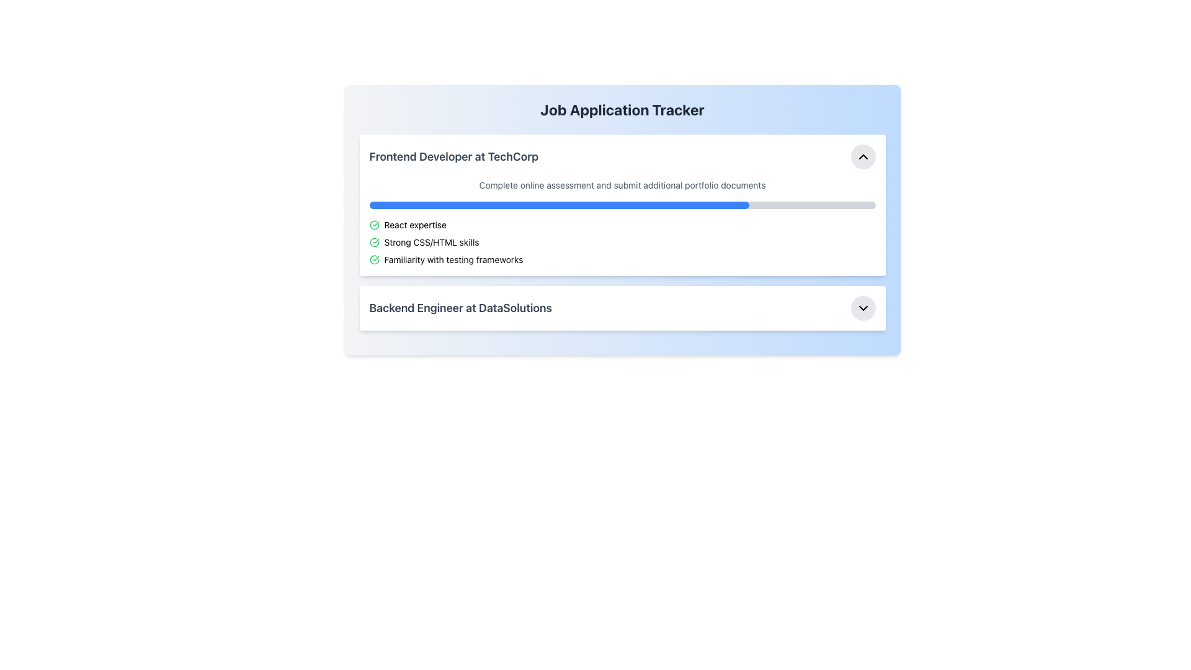 The width and height of the screenshot is (1191, 670). What do you see at coordinates (373, 259) in the screenshot?
I see `the green circular icon with a checkmark inside, which is positioned to the left of the text 'Familiarity with testing frameworks.'` at bounding box center [373, 259].